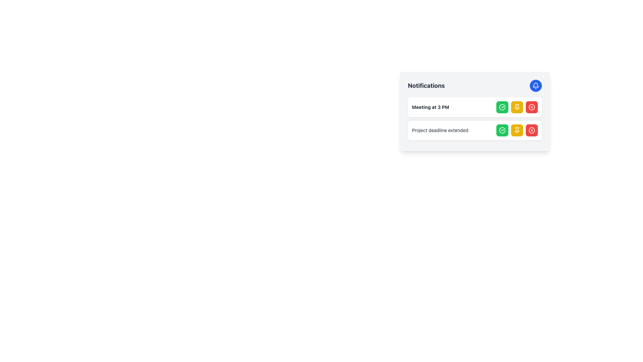  Describe the element at coordinates (535, 85) in the screenshot. I see `the bell icon, which is a simplistic line-style icon within a circular blue background, located in the top-right corner of the notification panel` at that location.